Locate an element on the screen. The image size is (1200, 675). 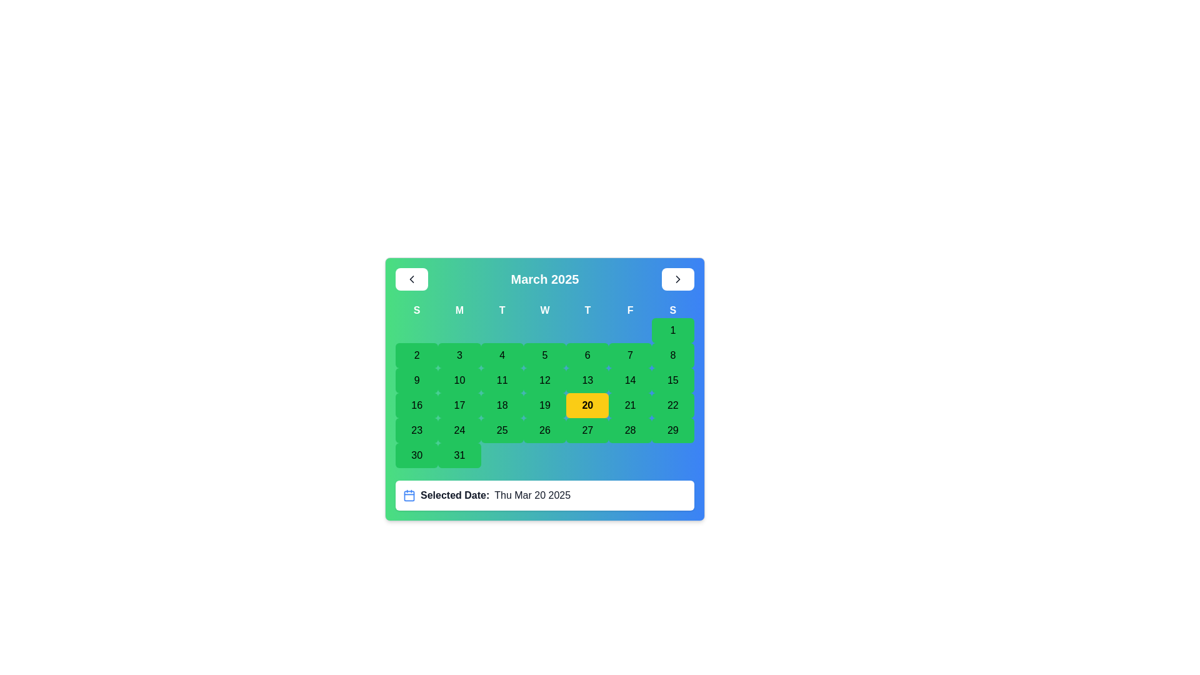
the button representing the 23rd day of the month in the calendar interface is located at coordinates (417, 430).